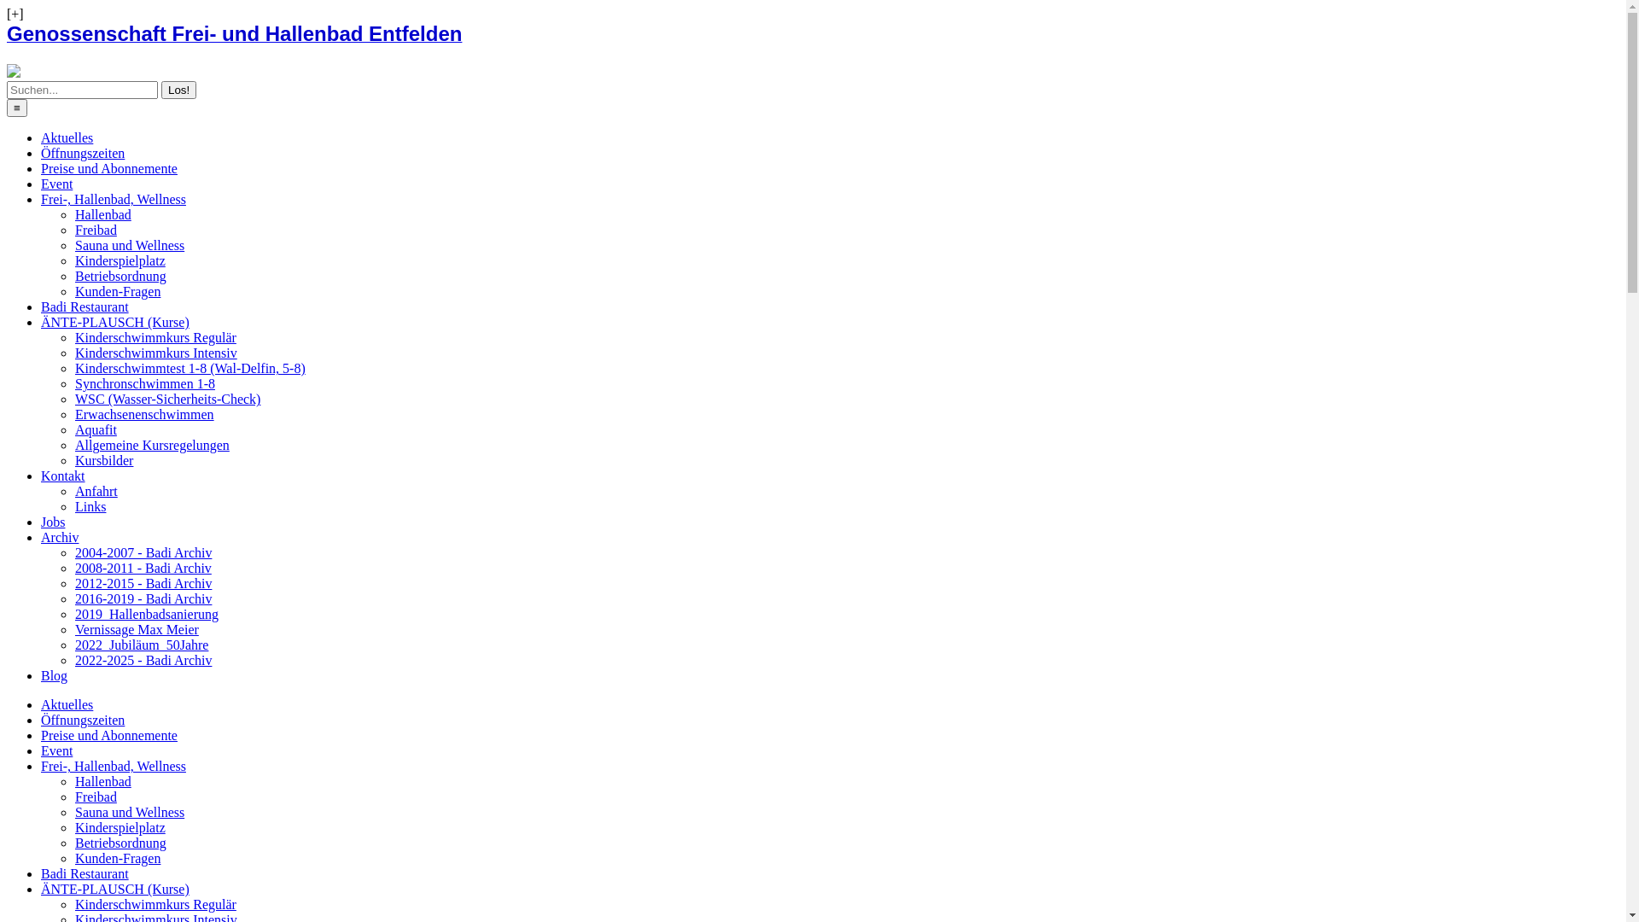 The height and width of the screenshot is (922, 1639). I want to click on 'Synchronschwimmen 1-8', so click(73, 382).